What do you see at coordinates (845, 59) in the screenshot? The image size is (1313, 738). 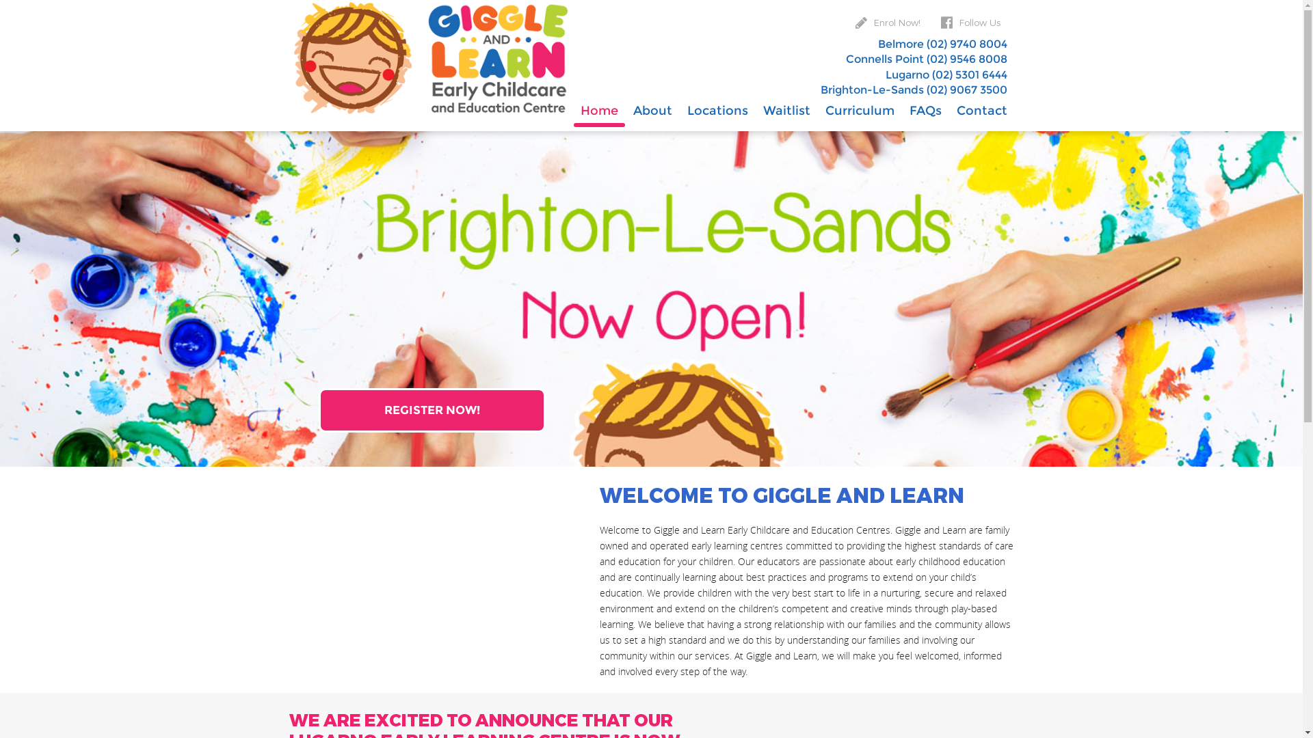 I see `'Connells Point (02) 9546 8008'` at bounding box center [845, 59].